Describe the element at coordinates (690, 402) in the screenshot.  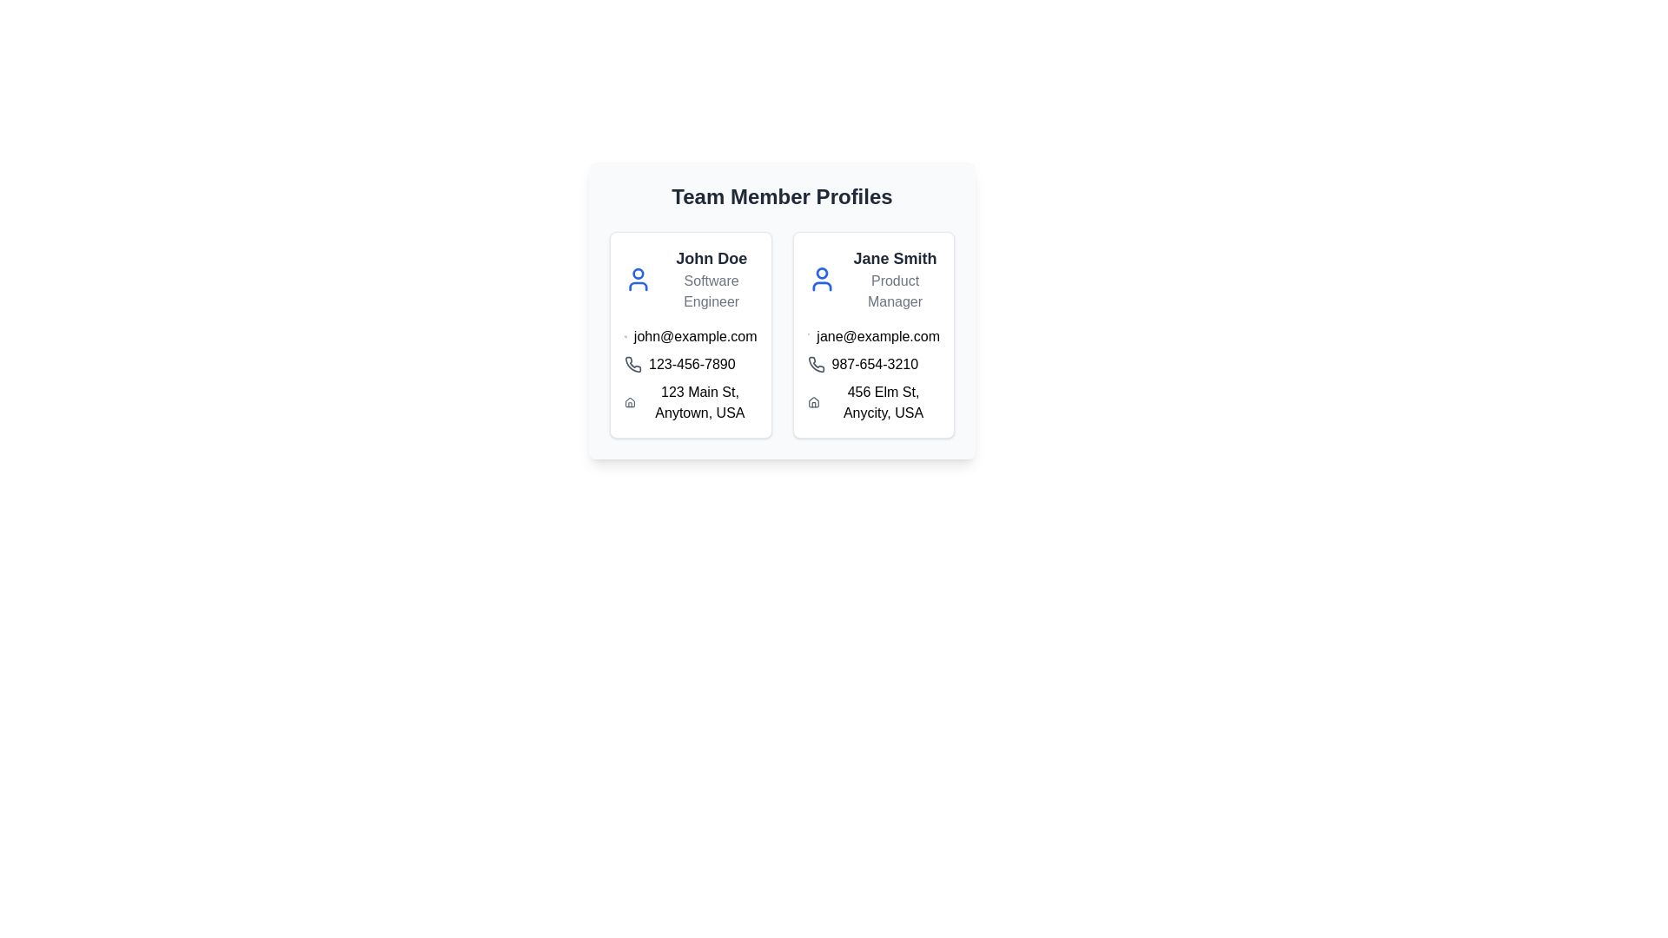
I see `the text element displaying '123 Main St, Anytown, USA' with a house icon to read it` at that location.